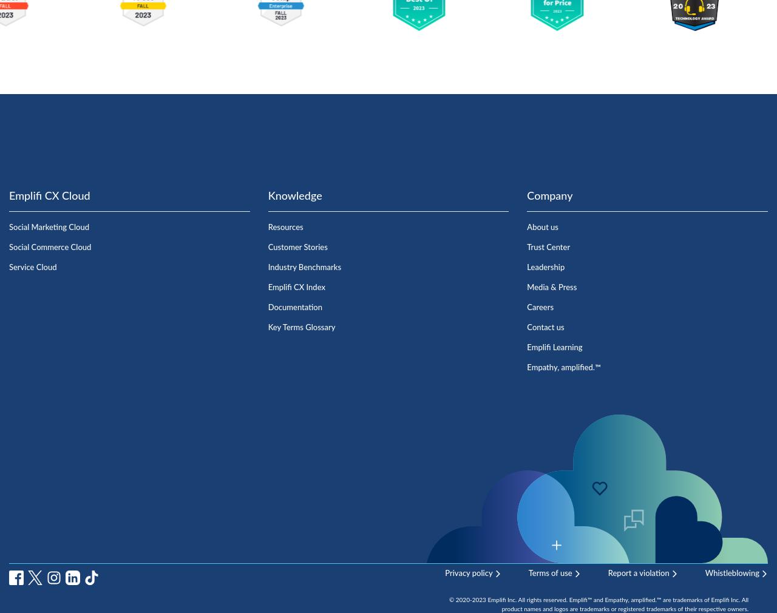 This screenshot has width=777, height=613. What do you see at coordinates (49, 247) in the screenshot?
I see `'Social Commerce Cloud'` at bounding box center [49, 247].